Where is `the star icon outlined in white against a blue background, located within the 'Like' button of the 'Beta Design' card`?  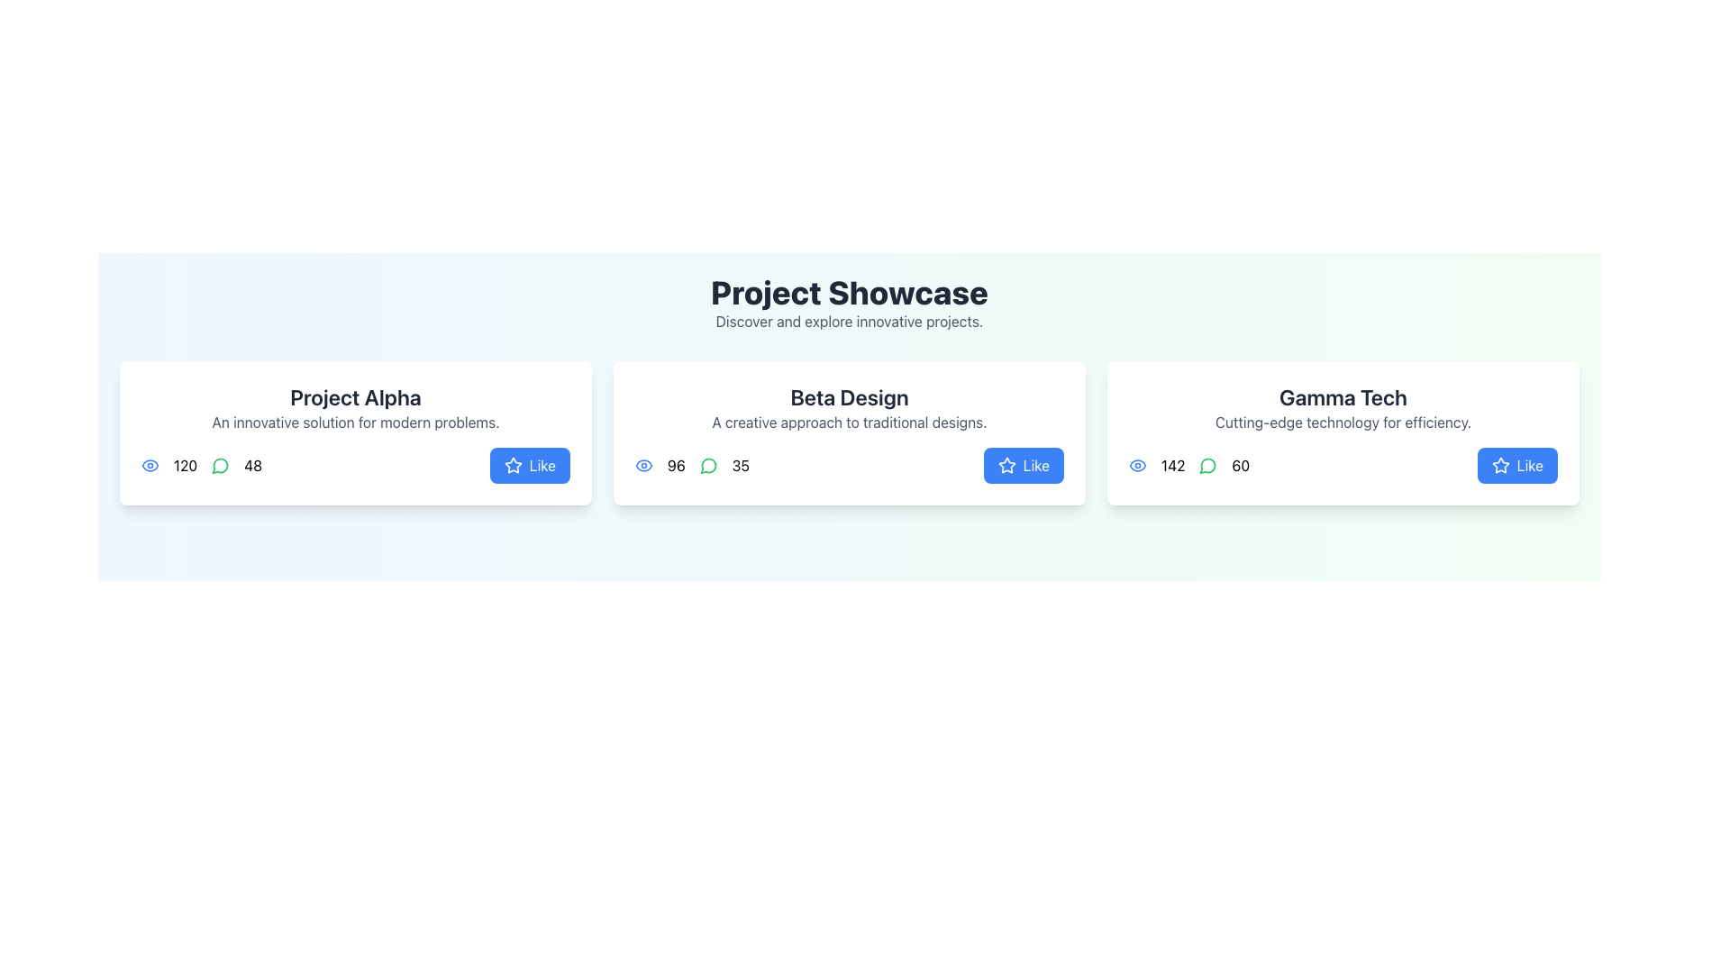 the star icon outlined in white against a blue background, located within the 'Like' button of the 'Beta Design' card is located at coordinates (512, 464).